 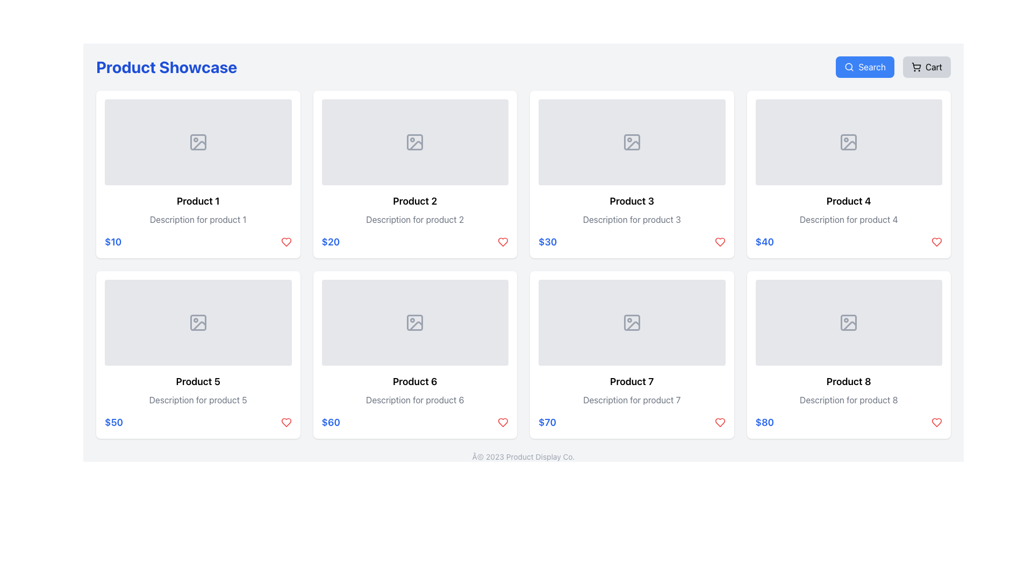 I want to click on text label displaying 'Description for product 4' located in the product card for 'Product 4', situated below the title and above the price, so click(x=848, y=219).